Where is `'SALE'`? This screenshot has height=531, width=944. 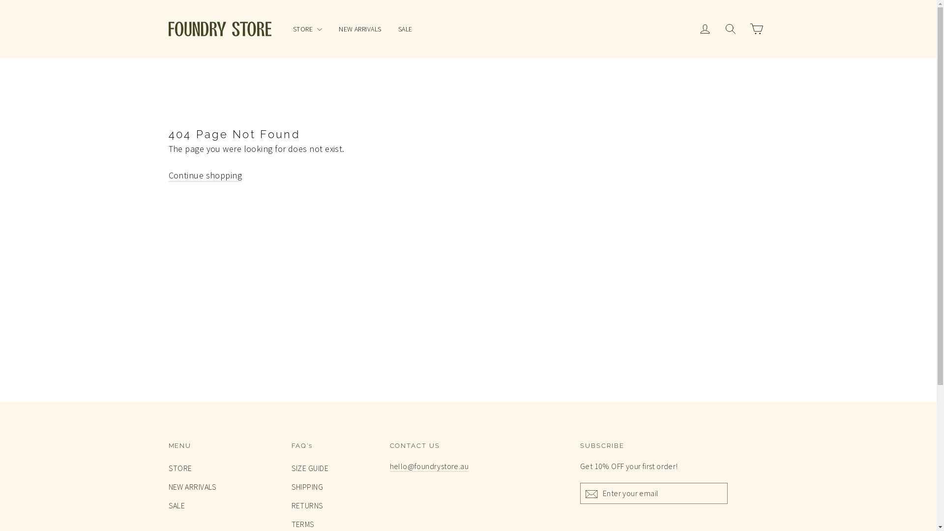
'SALE' is located at coordinates (221, 506).